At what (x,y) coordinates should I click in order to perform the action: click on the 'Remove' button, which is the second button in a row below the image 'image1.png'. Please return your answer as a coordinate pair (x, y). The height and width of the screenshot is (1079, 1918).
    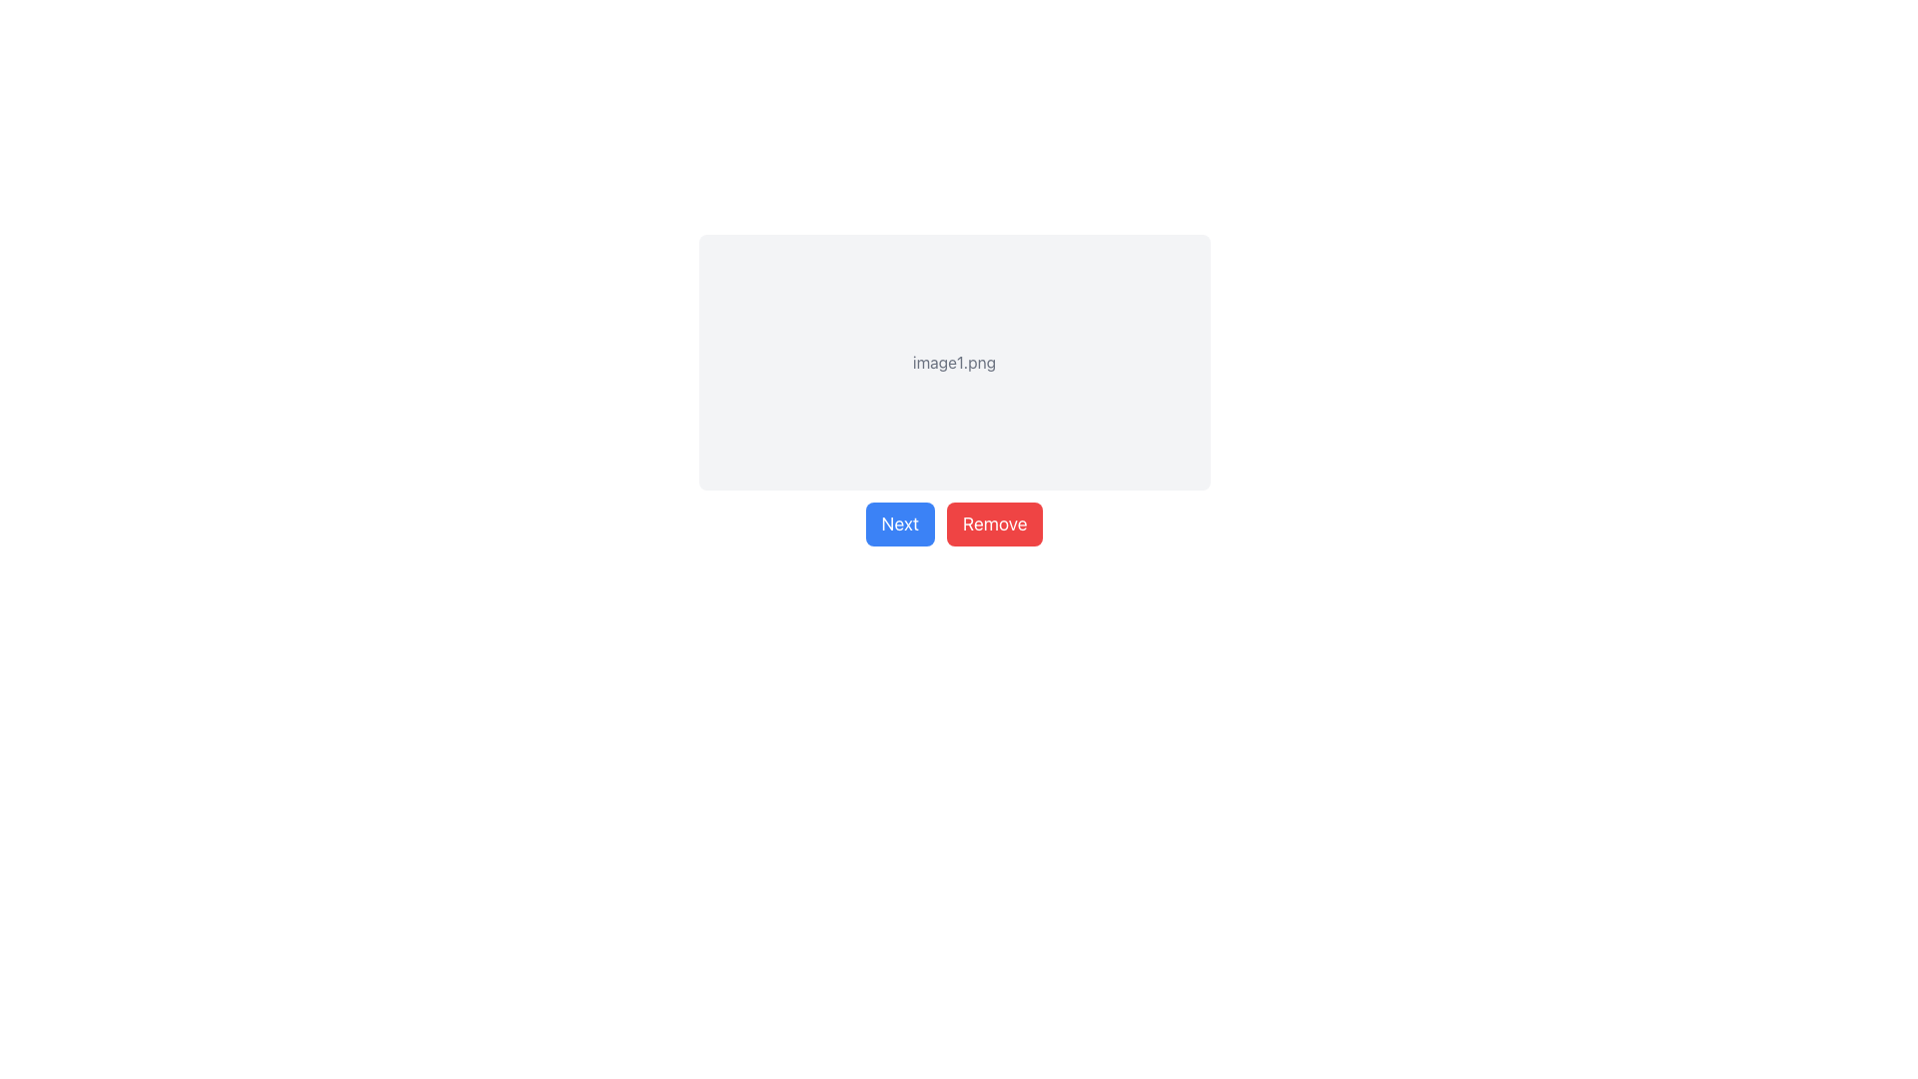
    Looking at the image, I should click on (995, 523).